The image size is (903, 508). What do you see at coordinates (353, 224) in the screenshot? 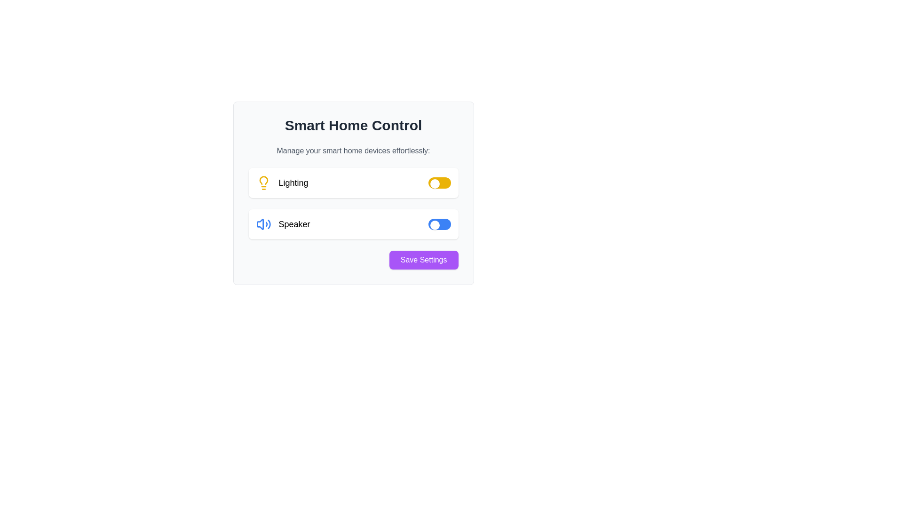
I see `the Card with toggle switch located below the 'Lighting' card in the 'Smart Home Control' section` at bounding box center [353, 224].